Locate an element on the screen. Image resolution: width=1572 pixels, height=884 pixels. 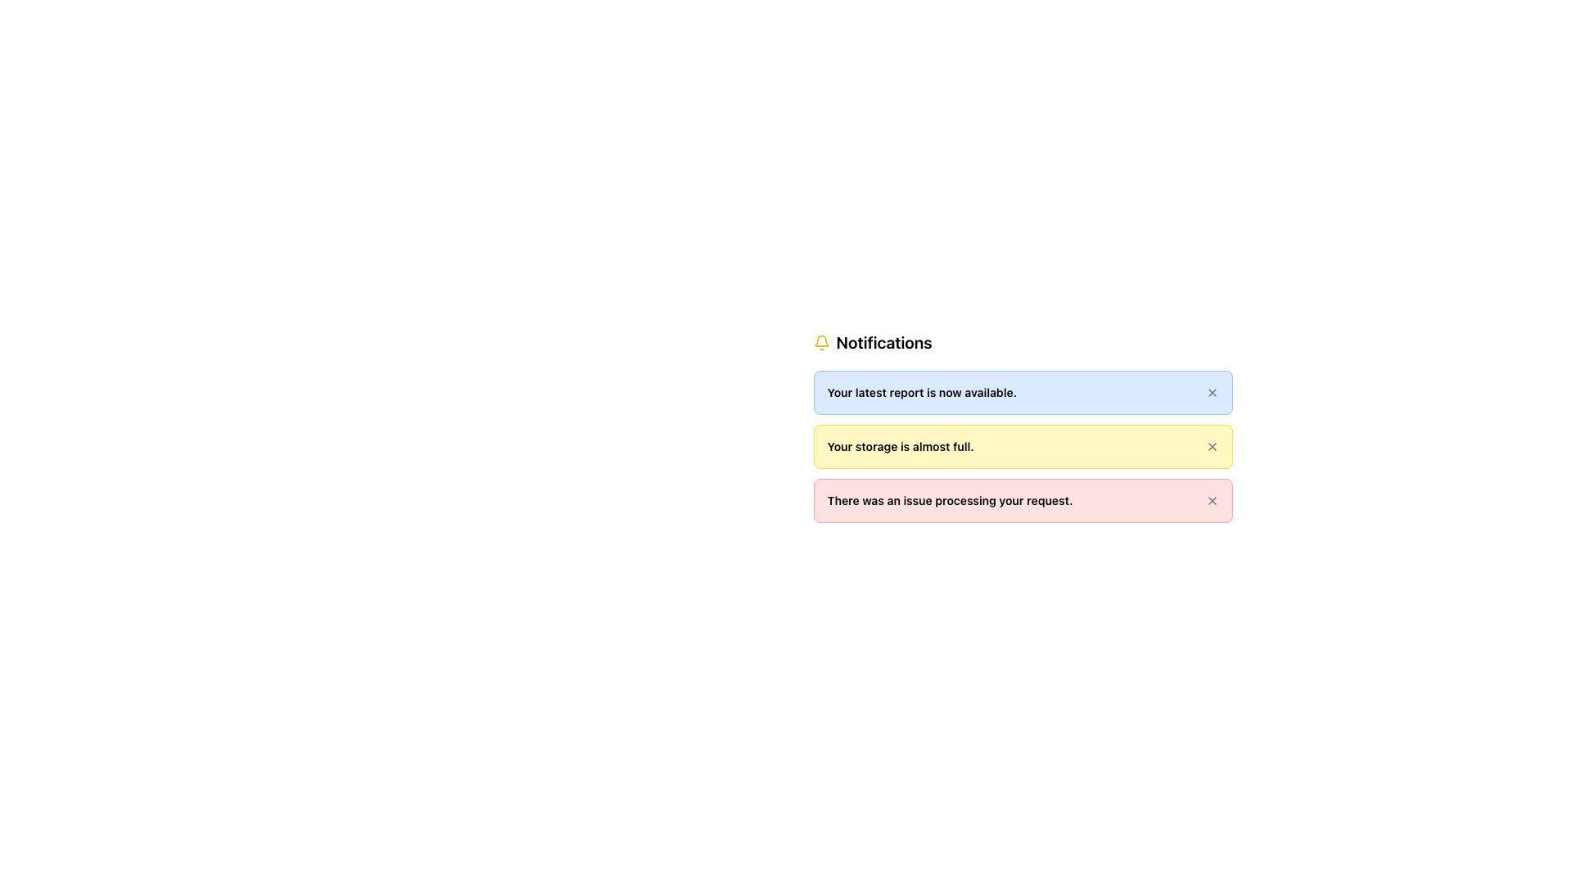
the text that reads 'There was an issue processing your request.' which is located within the red-bordered notification card on the right side of the display is located at coordinates (950, 500).